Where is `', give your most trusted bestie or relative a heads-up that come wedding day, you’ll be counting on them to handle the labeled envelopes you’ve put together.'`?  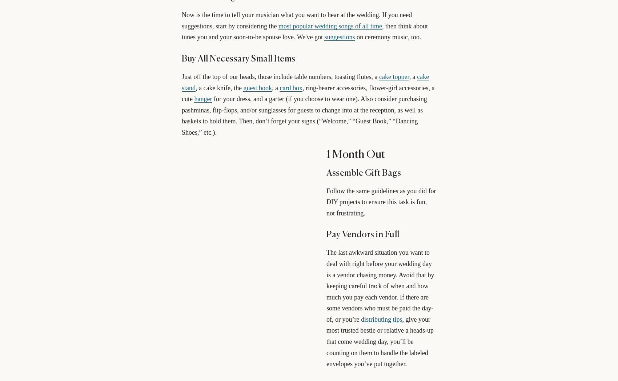
', give your most trusted bestie or relative a heads-up that come wedding day, you’ll be counting on them to handle the labeled envelopes you’ve put together.' is located at coordinates (379, 341).